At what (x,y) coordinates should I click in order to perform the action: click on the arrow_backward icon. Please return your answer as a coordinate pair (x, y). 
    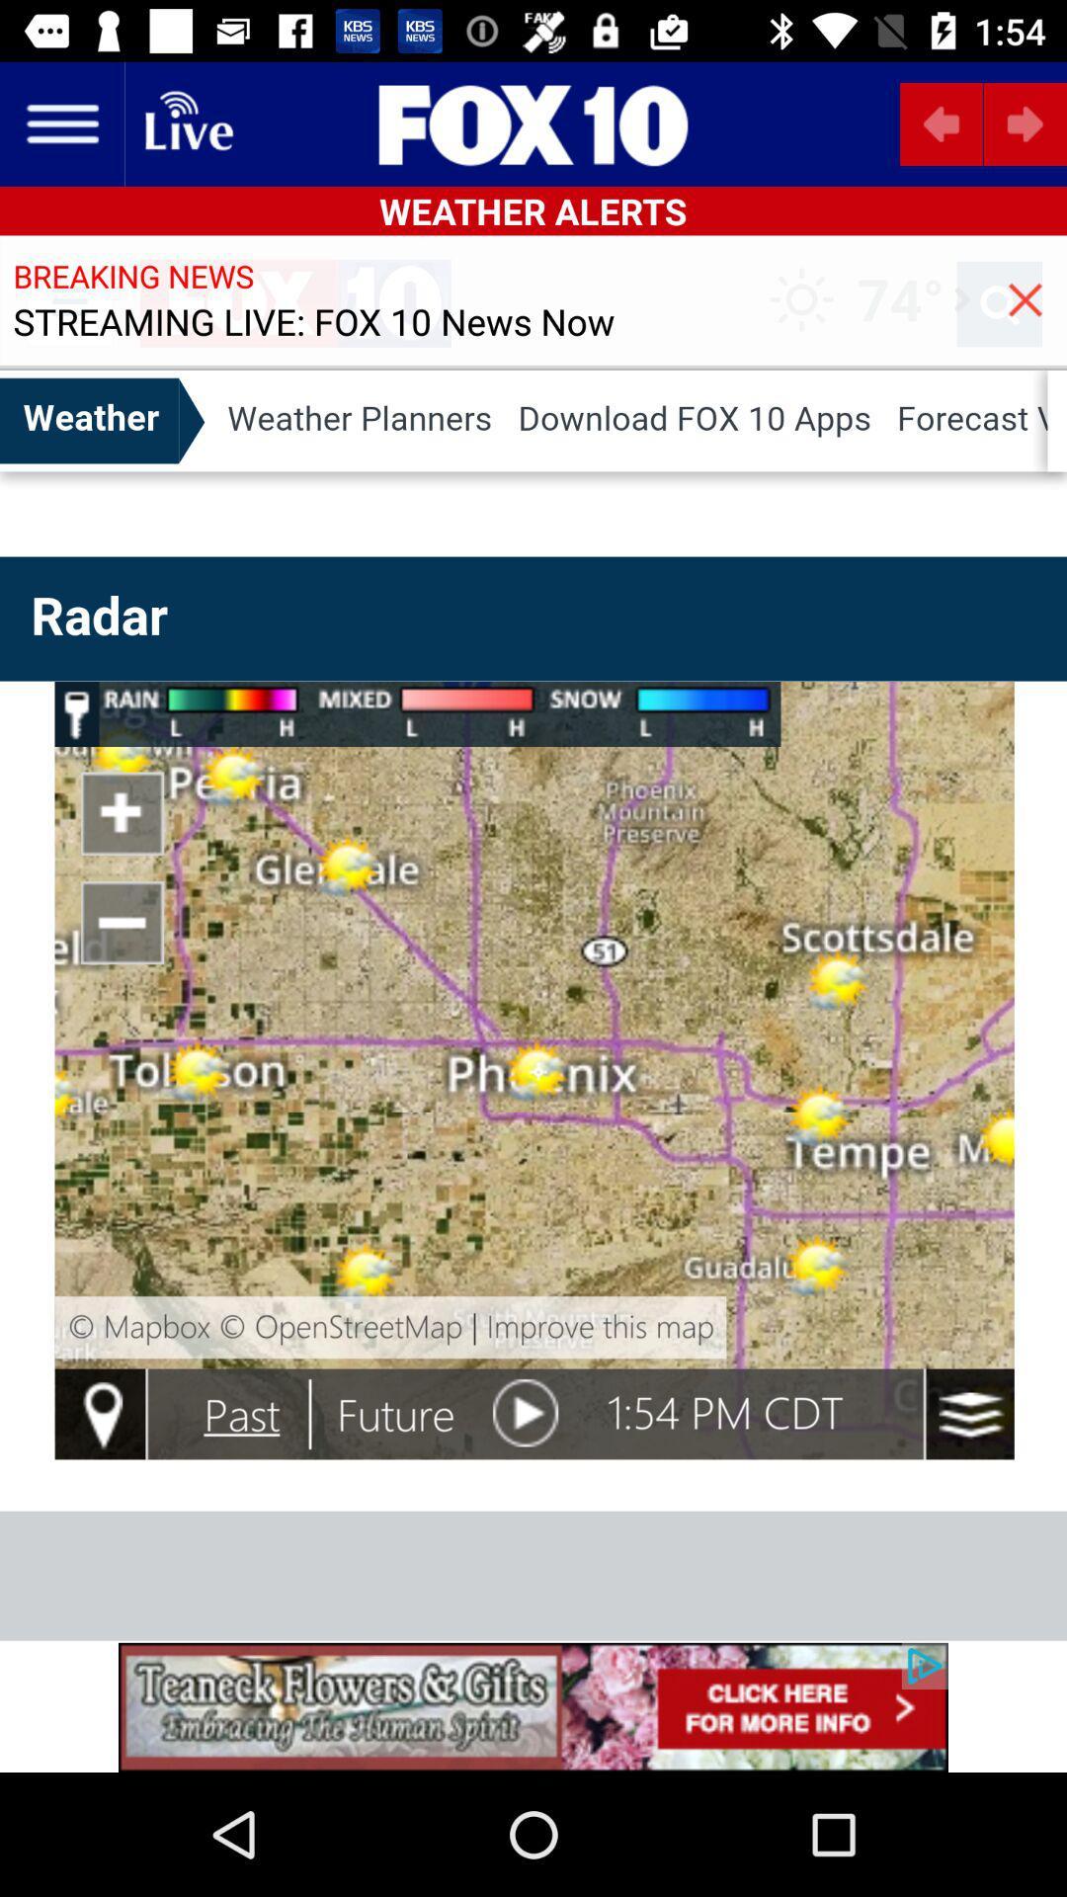
    Looking at the image, I should click on (941, 123).